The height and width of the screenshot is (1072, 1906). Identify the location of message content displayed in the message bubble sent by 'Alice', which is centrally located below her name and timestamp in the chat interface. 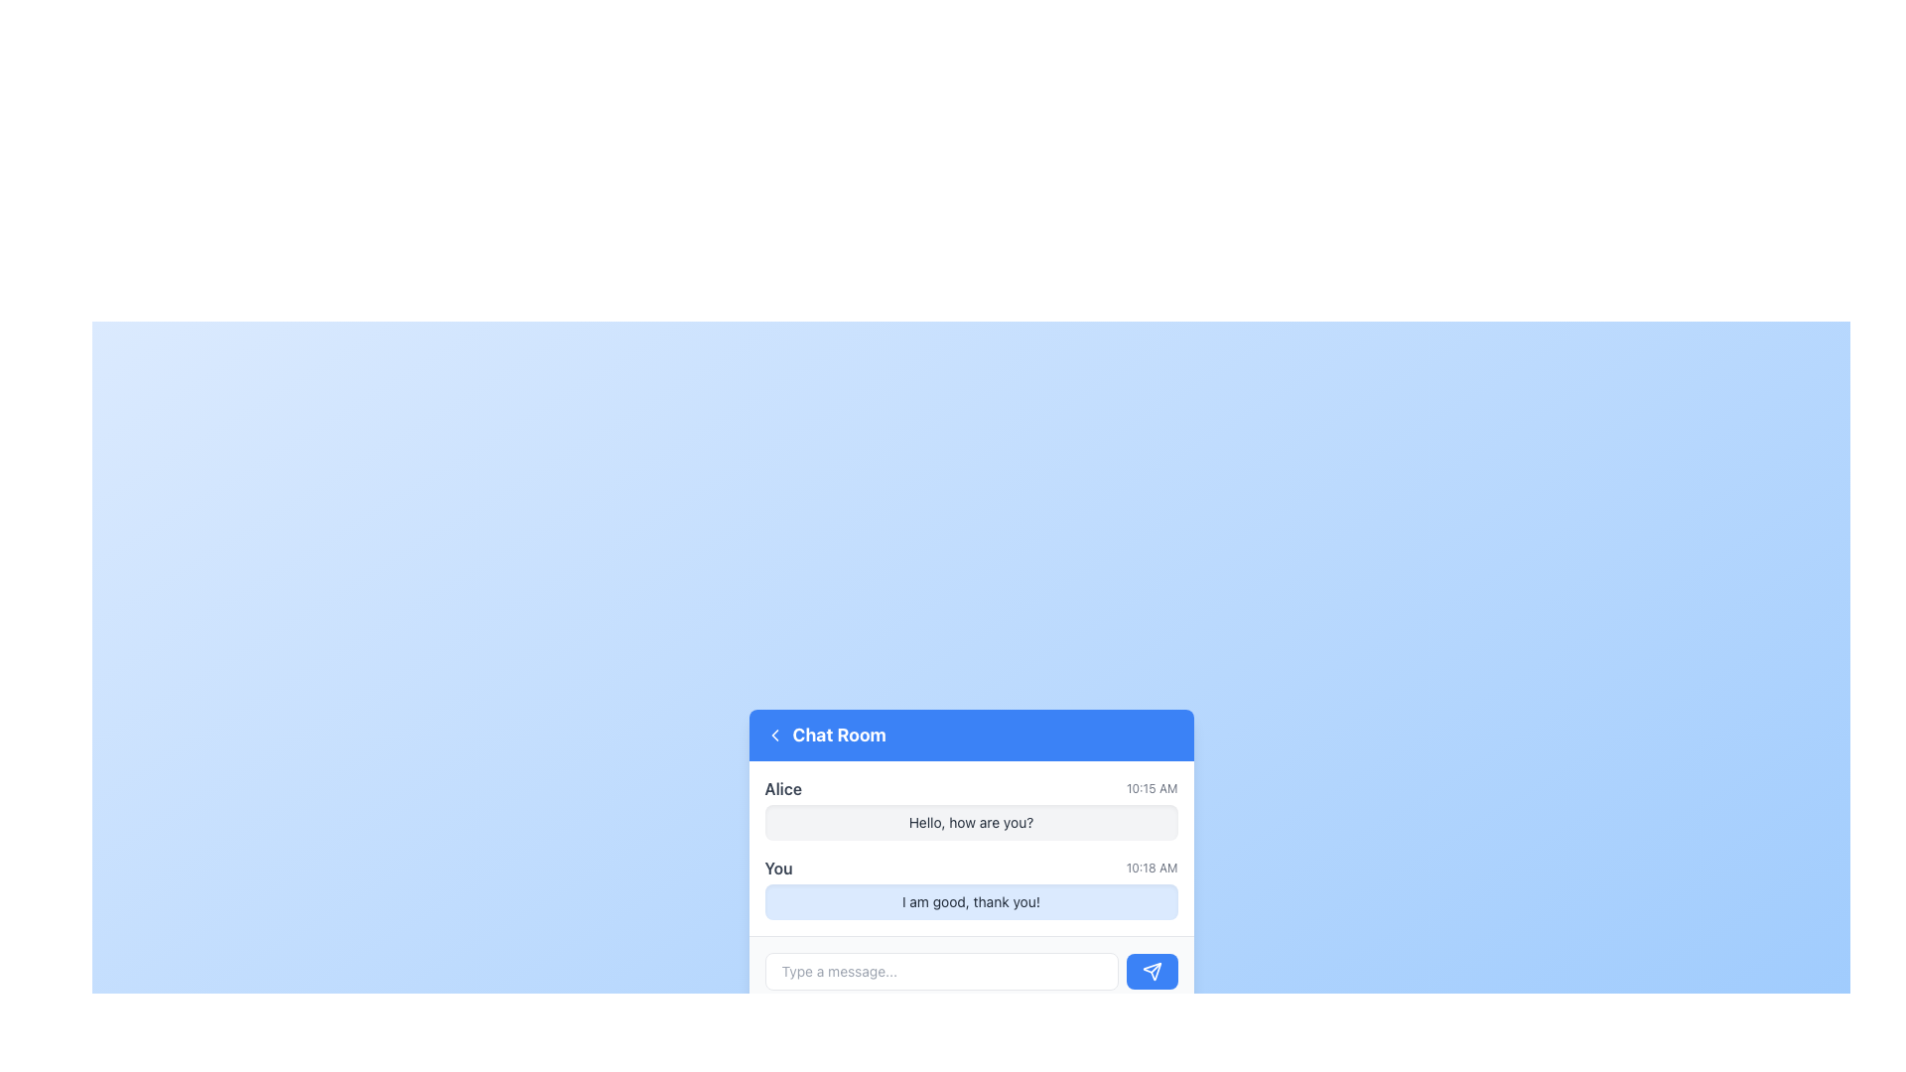
(971, 822).